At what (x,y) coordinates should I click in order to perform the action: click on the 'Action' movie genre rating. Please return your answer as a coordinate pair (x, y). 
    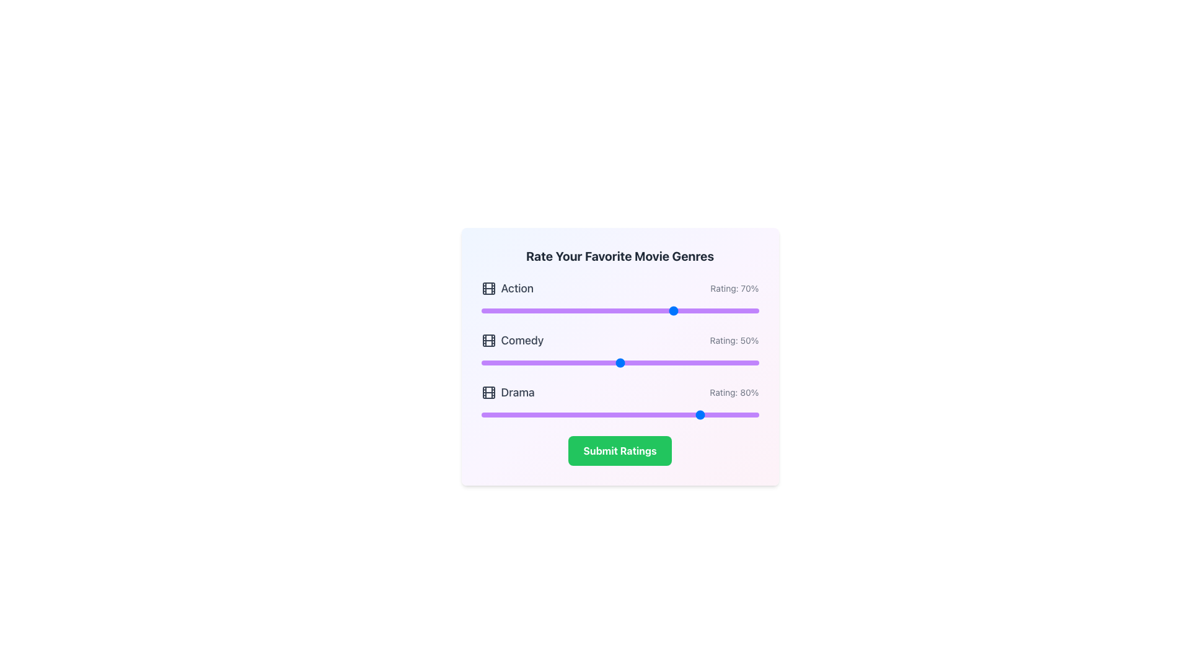
    Looking at the image, I should click on (580, 310).